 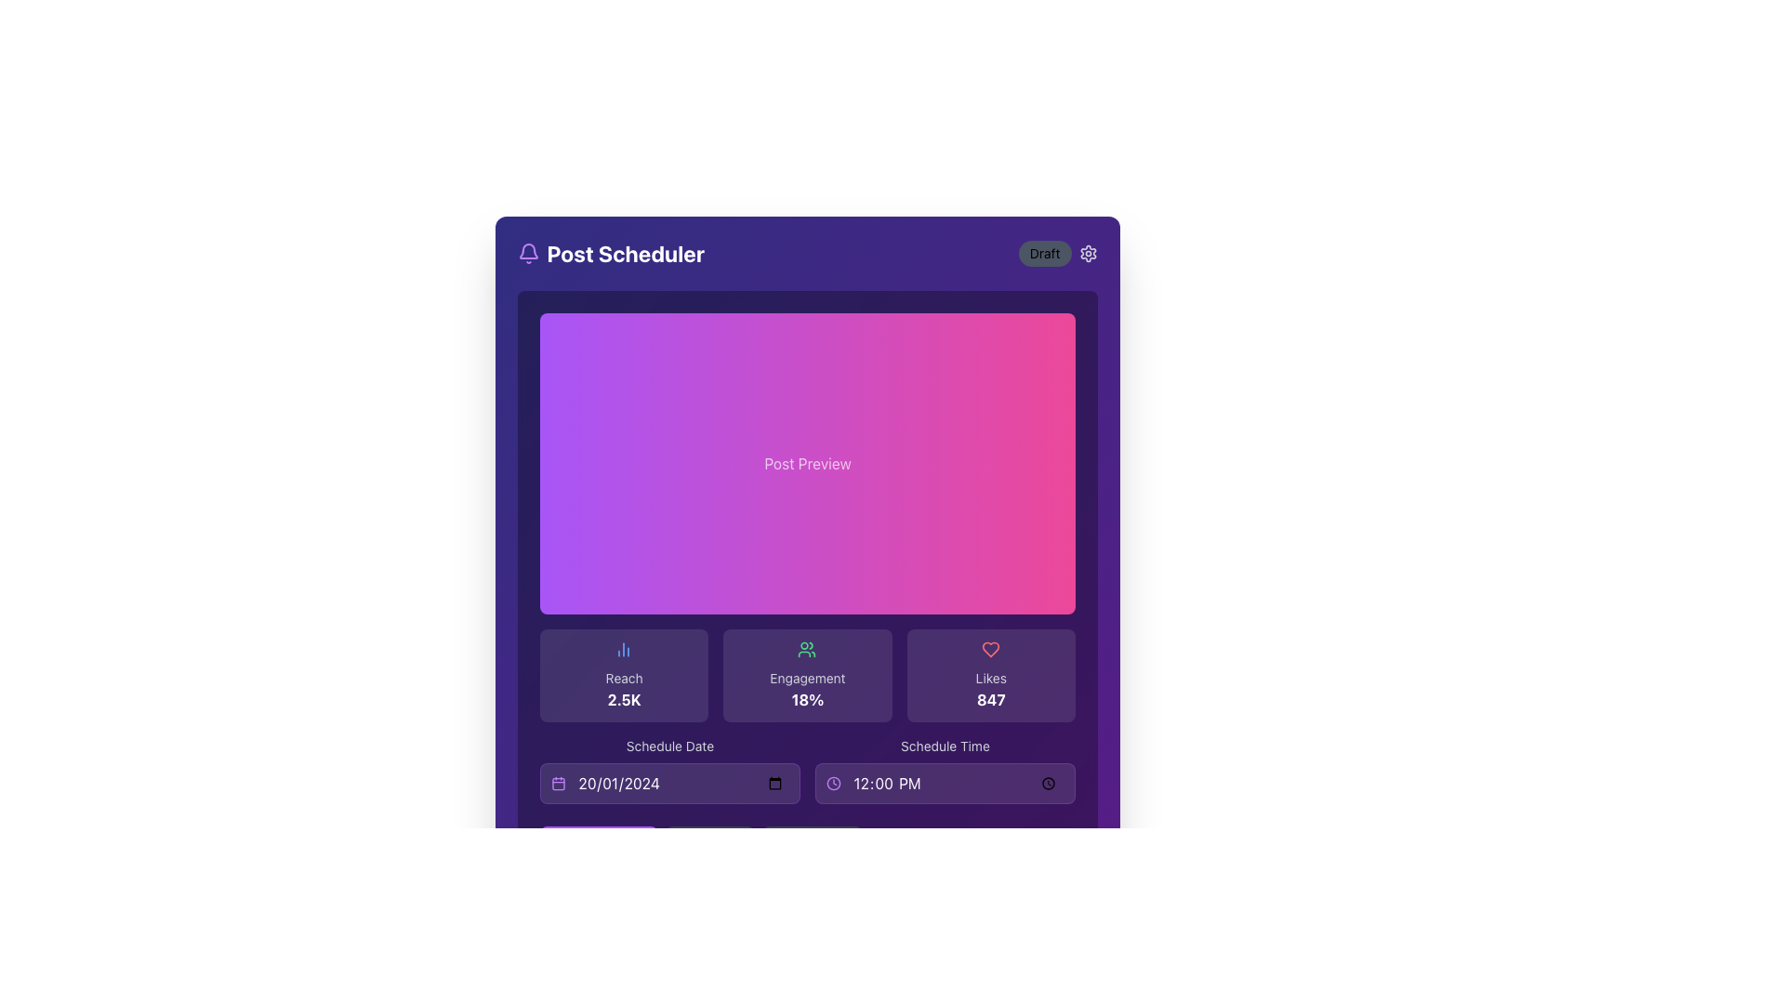 I want to click on the small purple clock icon with a thin circular border located to the left of the time input field in the 'Schedule Time' section, so click(x=832, y=784).